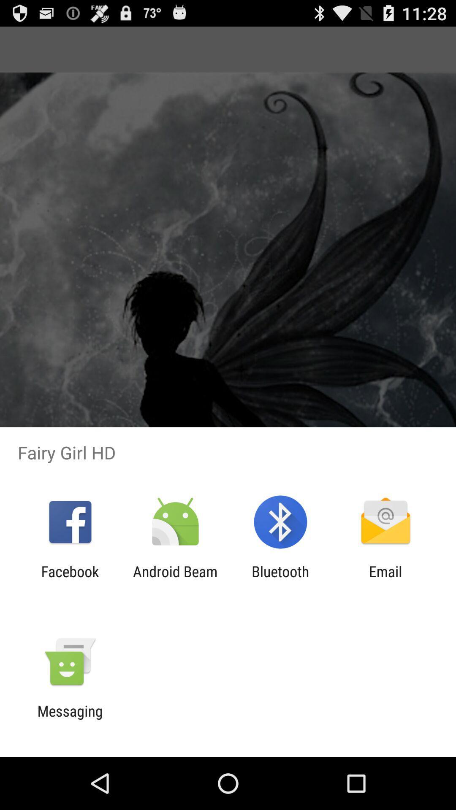 Image resolution: width=456 pixels, height=810 pixels. I want to click on the icon to the right of android beam, so click(280, 580).